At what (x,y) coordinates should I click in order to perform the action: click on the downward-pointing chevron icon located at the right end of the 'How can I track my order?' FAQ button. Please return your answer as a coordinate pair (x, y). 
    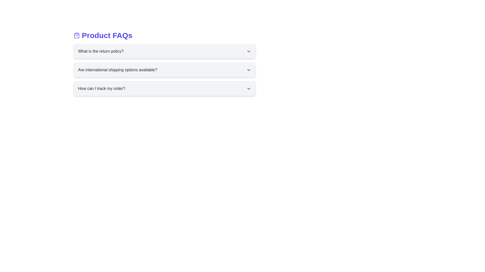
    Looking at the image, I should click on (249, 88).